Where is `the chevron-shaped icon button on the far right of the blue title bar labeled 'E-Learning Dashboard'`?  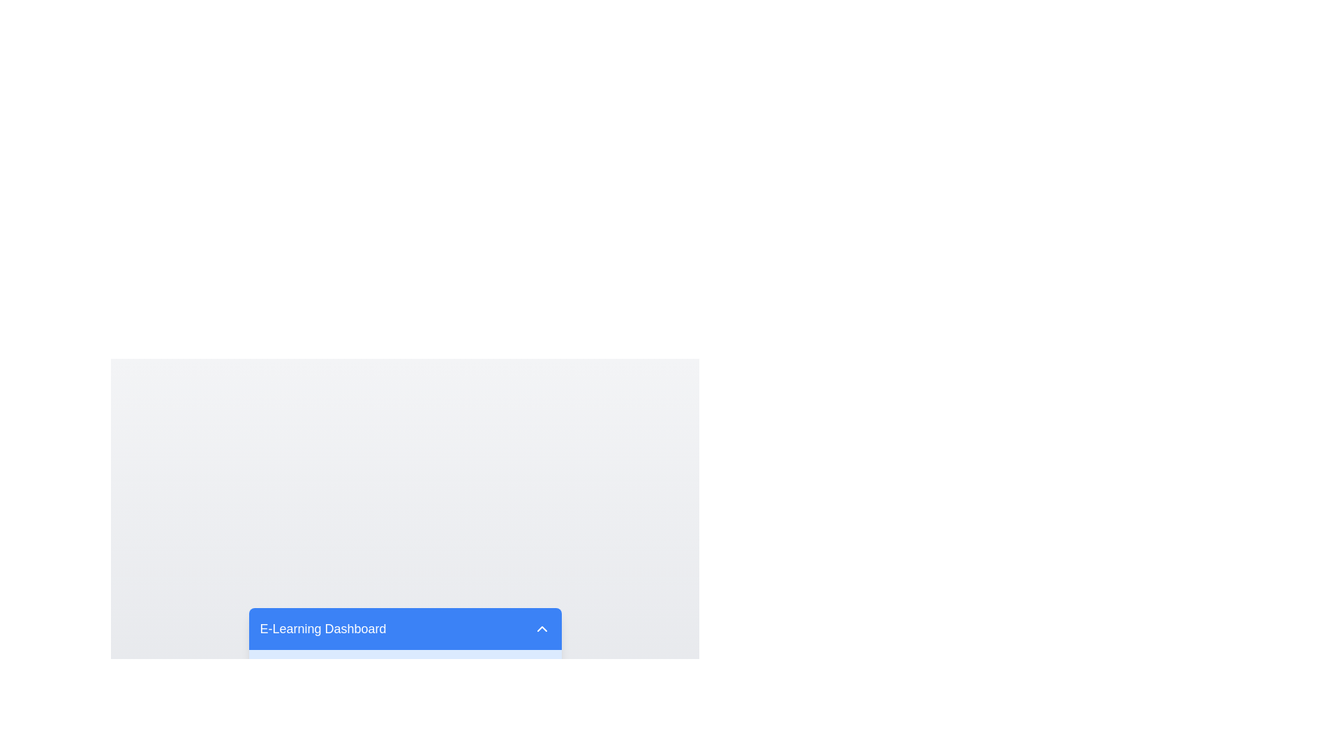
the chevron-shaped icon button on the far right of the blue title bar labeled 'E-Learning Dashboard' is located at coordinates (541, 629).